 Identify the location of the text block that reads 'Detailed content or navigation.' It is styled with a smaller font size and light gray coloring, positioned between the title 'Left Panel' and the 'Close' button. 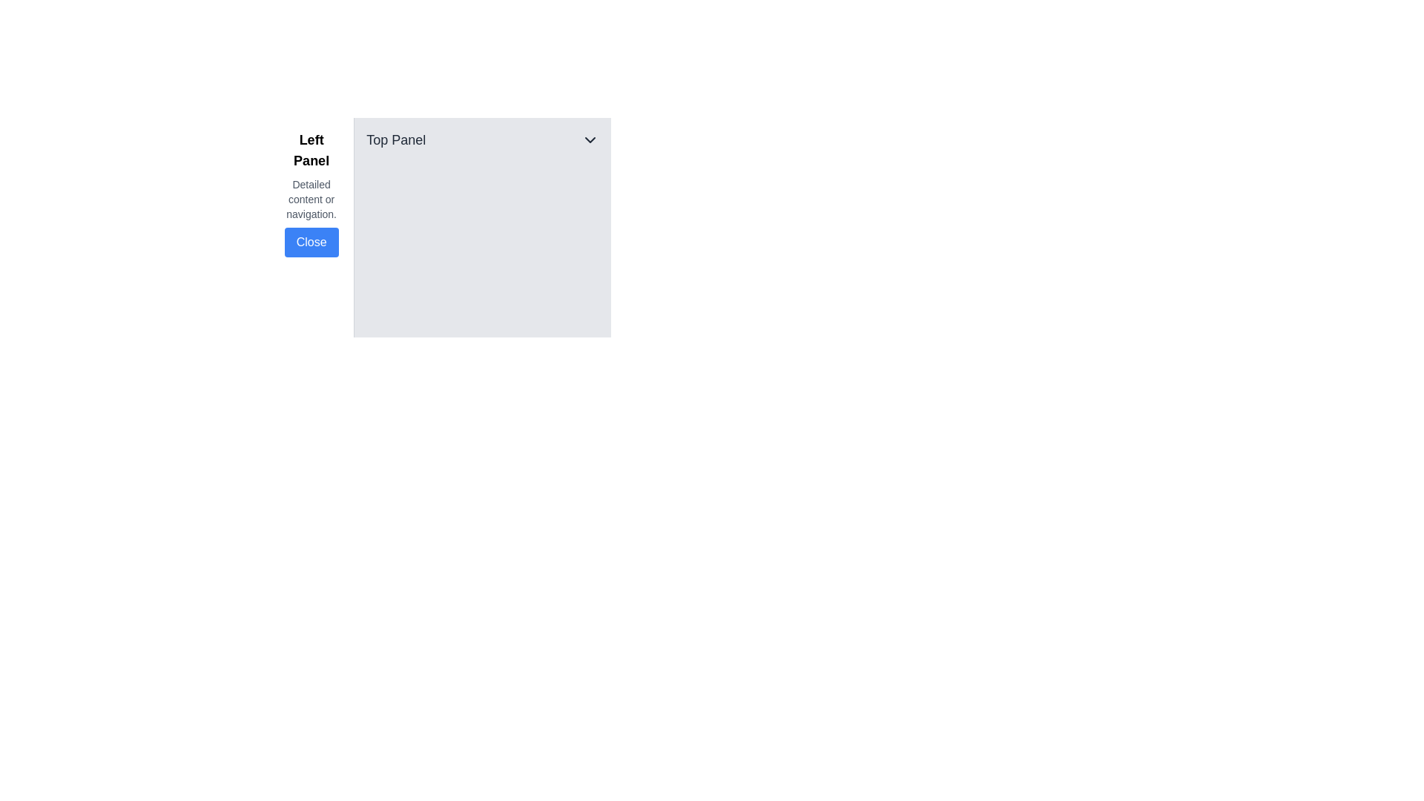
(311, 199).